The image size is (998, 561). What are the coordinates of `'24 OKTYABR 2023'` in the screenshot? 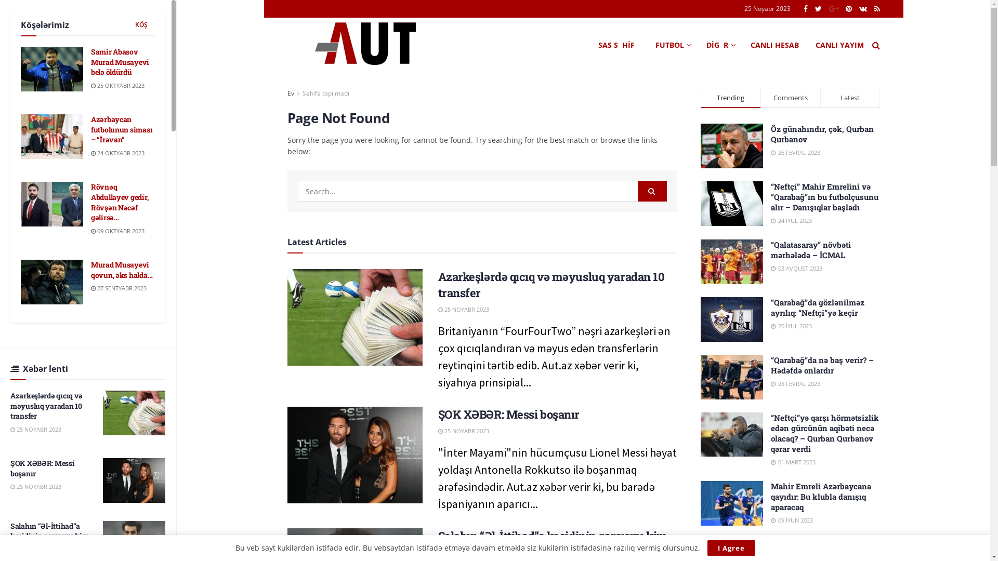 It's located at (90, 153).